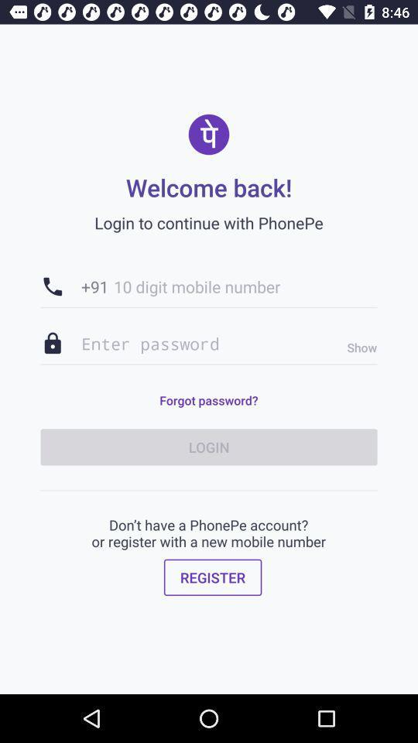 Image resolution: width=418 pixels, height=743 pixels. Describe the element at coordinates (208, 399) in the screenshot. I see `the icon above login icon` at that location.